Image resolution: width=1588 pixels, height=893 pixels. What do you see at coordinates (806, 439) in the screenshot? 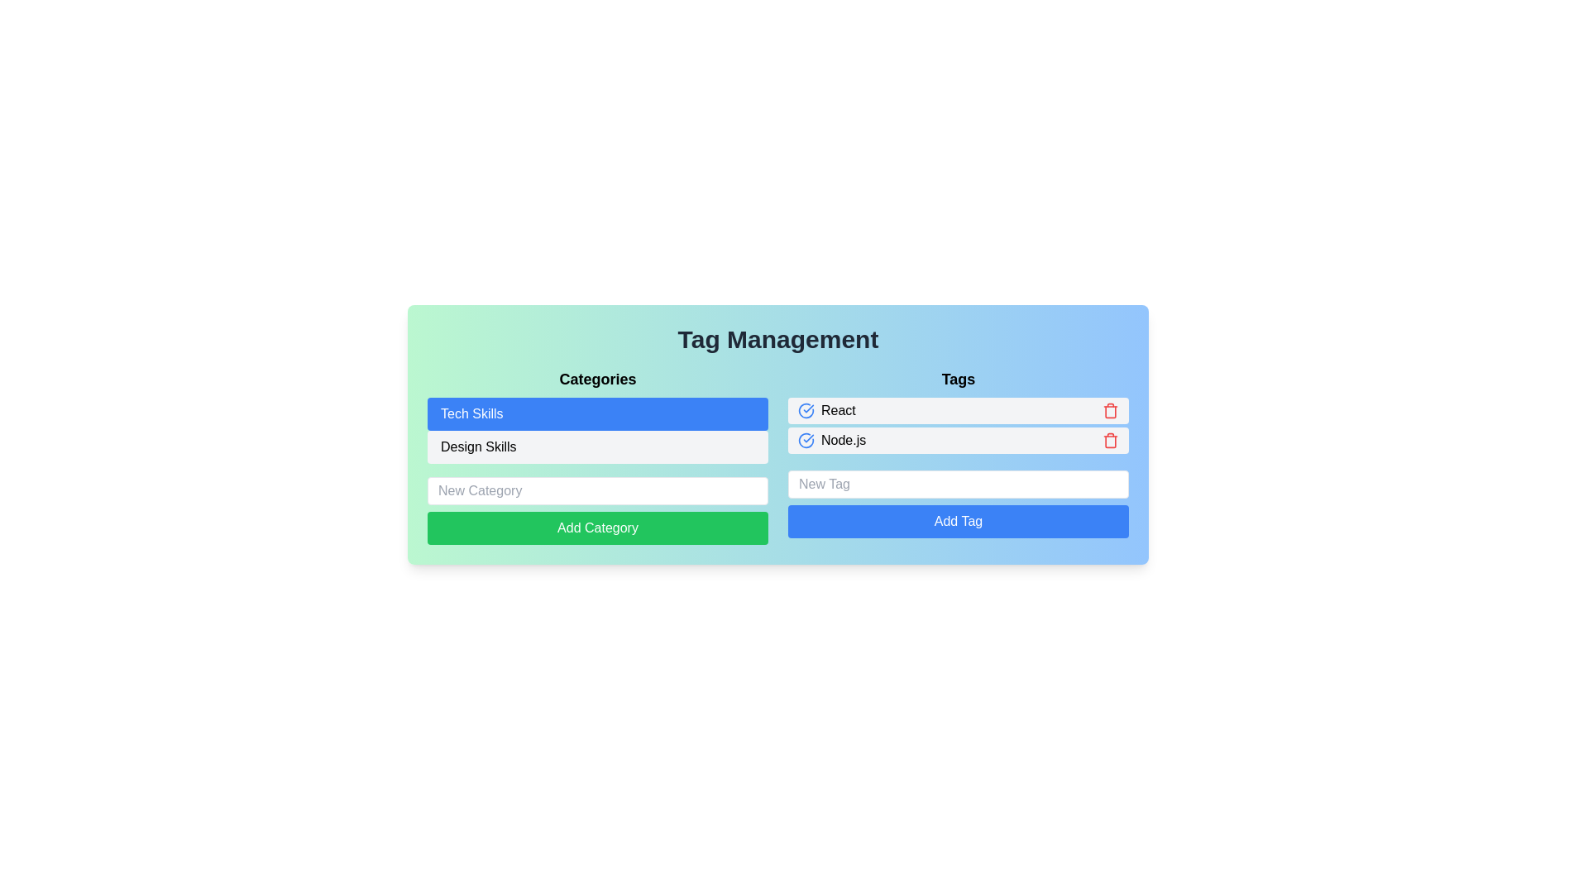
I see `the blue circular icon with a checkmark inside, located next to the text 'Node.js' in the 'Tags' section` at bounding box center [806, 439].